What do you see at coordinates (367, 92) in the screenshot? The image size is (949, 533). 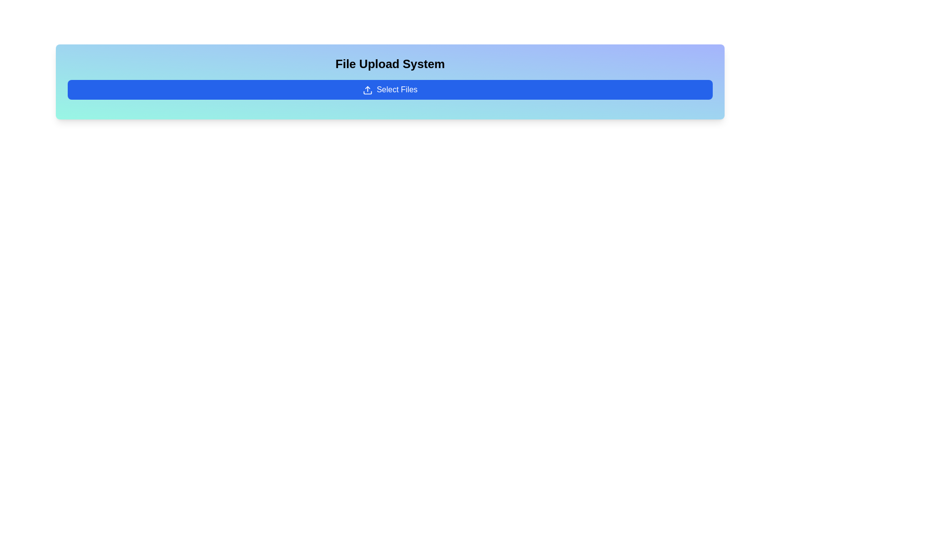 I see `the bottom-most curved rectangular segment of the 'lucide-upload' SVG icon that represents an upload action` at bounding box center [367, 92].